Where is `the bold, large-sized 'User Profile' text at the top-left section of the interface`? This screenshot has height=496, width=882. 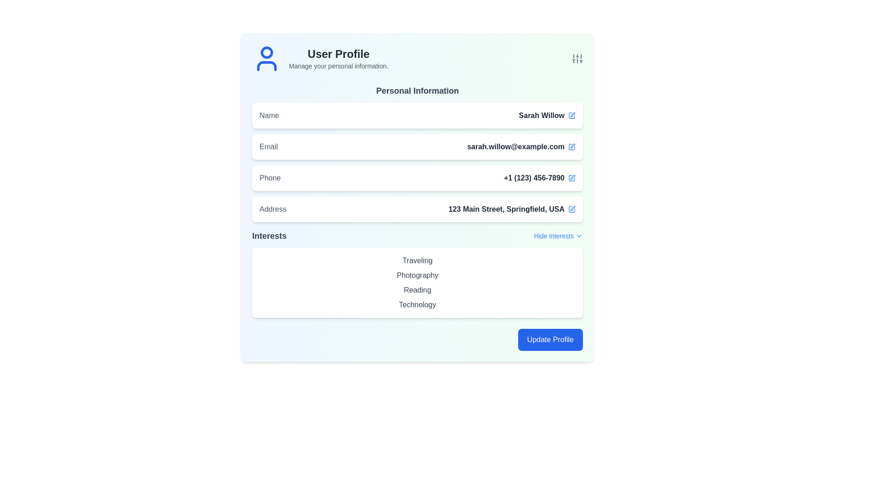
the bold, large-sized 'User Profile' text at the top-left section of the interface is located at coordinates (338, 54).